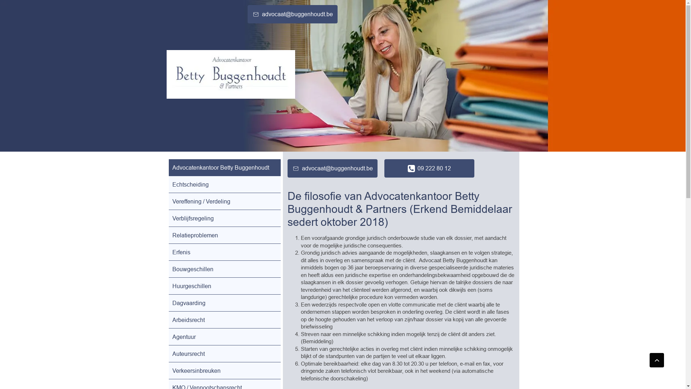 Image resolution: width=691 pixels, height=389 pixels. I want to click on 'ADVOCATENKANTOOR BETTY BUGGENHOUDT', so click(230, 74).